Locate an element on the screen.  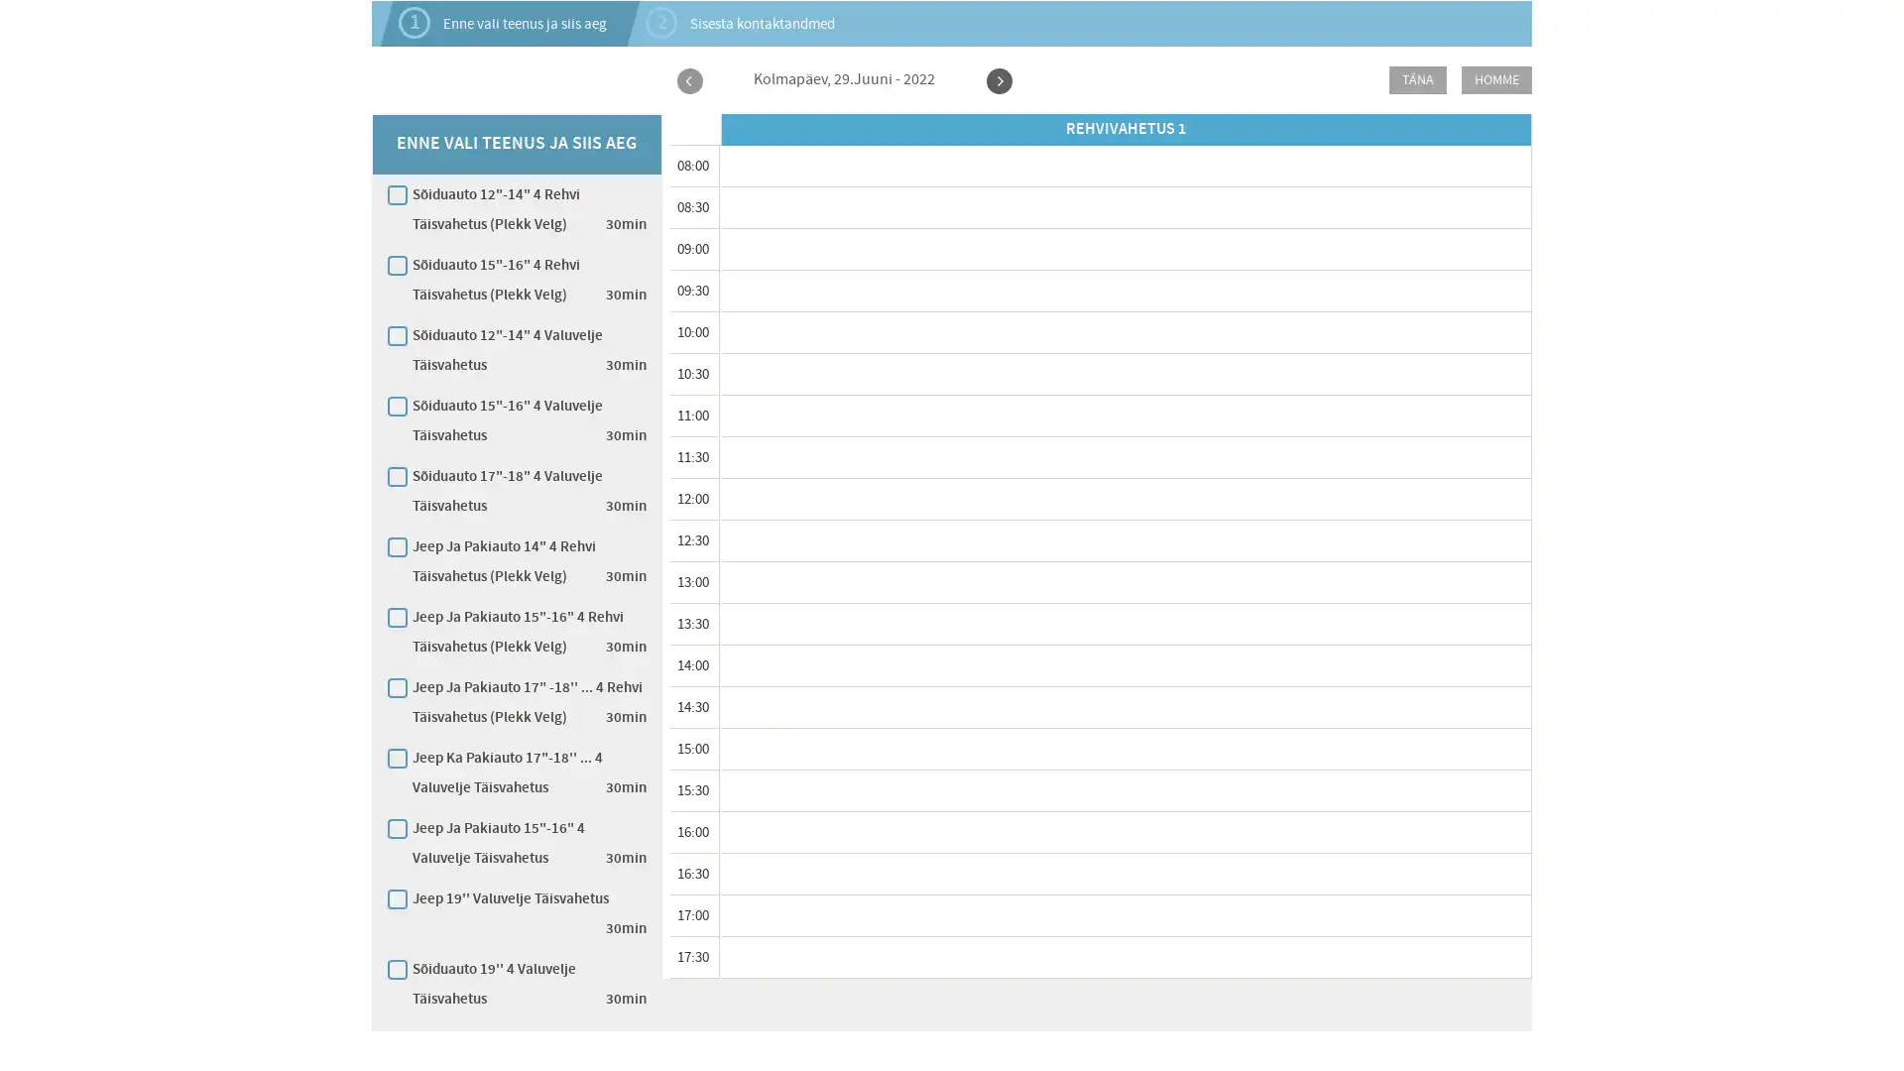
HOMME is located at coordinates (1496, 79).